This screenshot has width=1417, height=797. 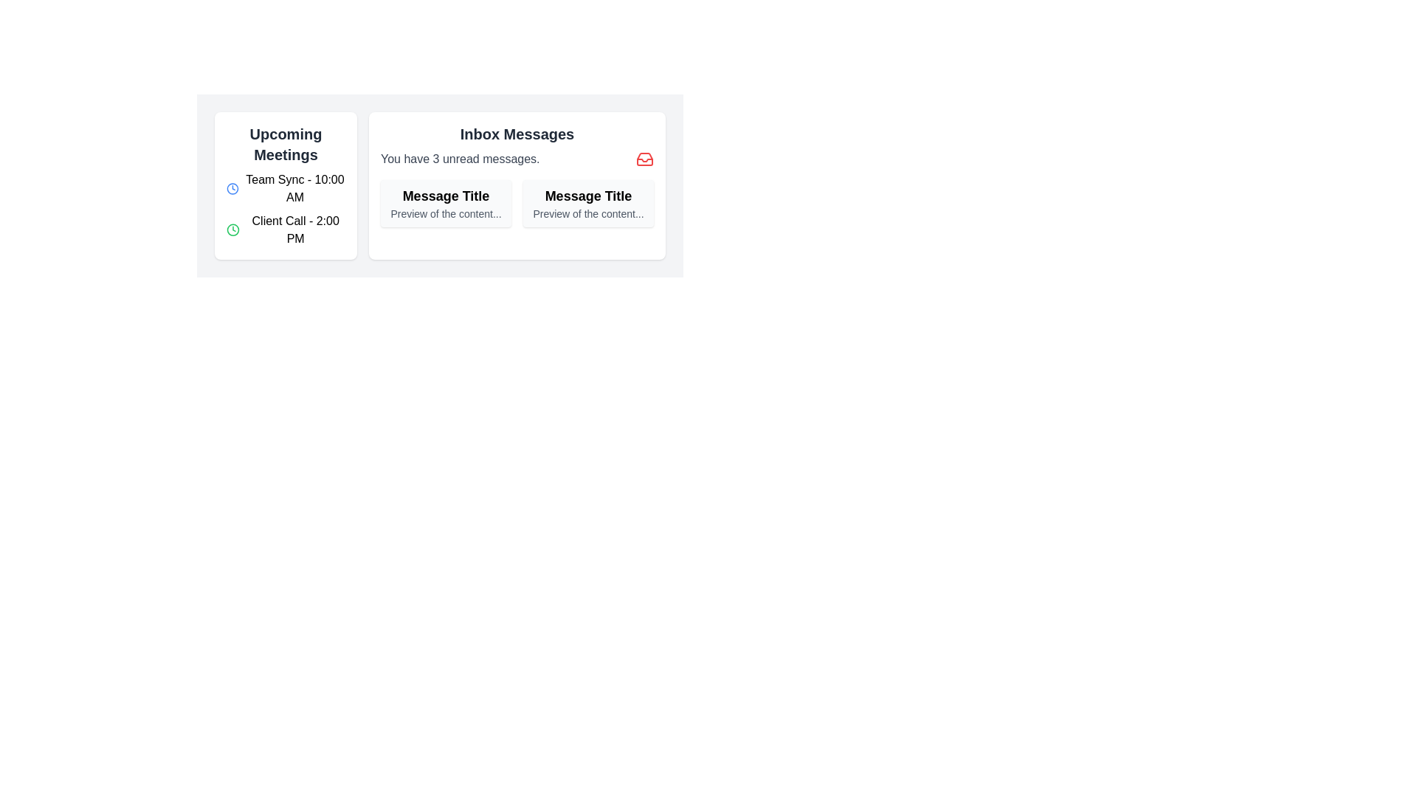 What do you see at coordinates (232, 187) in the screenshot?
I see `the clock icon element adjacent to the 'Client Call - 2:00 PM' entry in the 'Upcoming Meetings' card` at bounding box center [232, 187].